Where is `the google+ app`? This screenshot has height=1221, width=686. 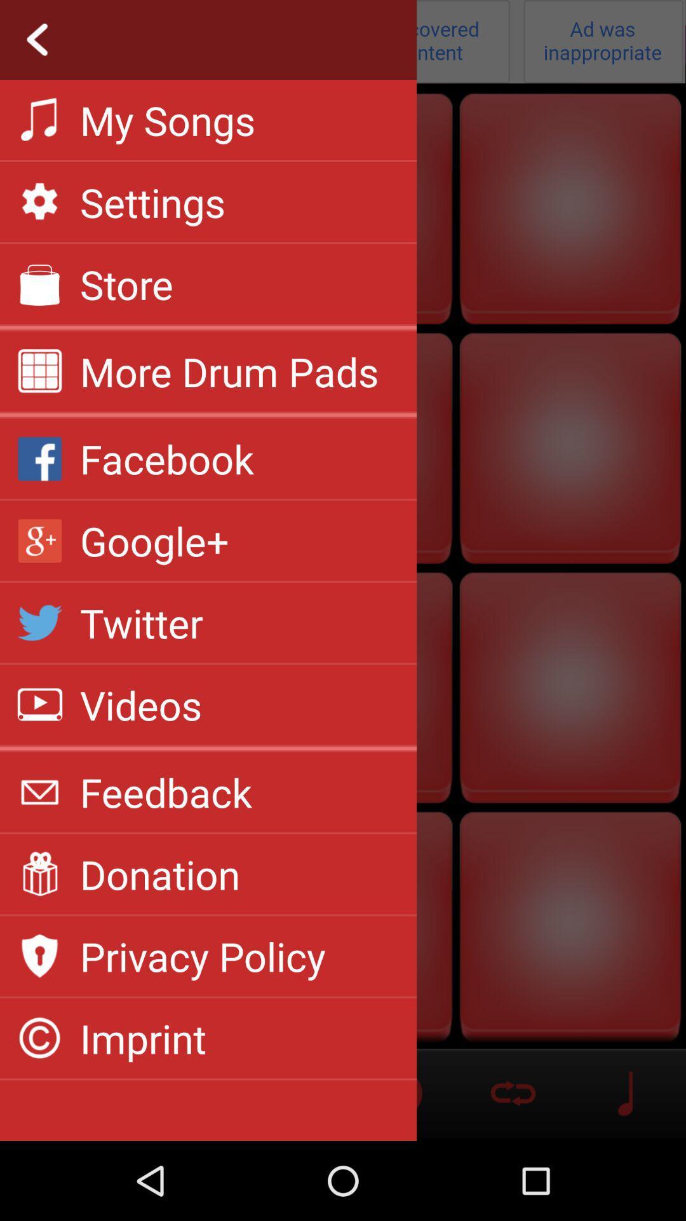
the google+ app is located at coordinates (154, 541).